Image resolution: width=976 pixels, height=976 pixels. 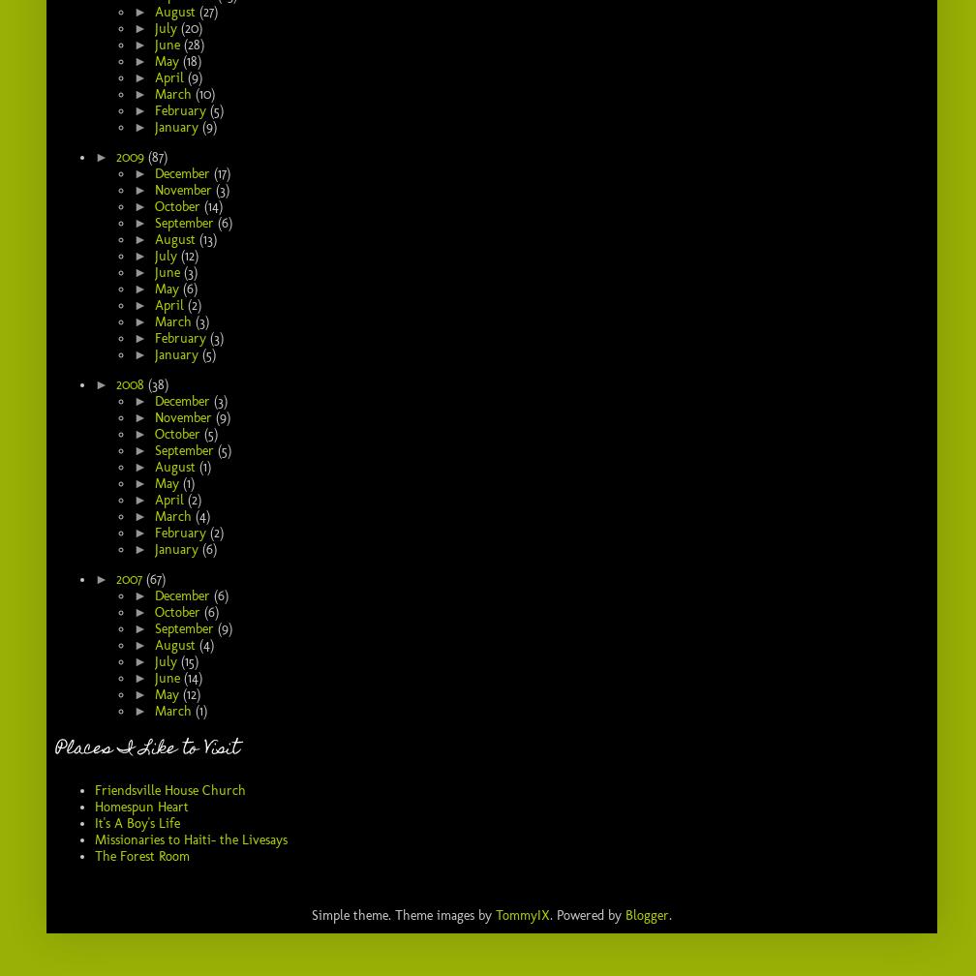 What do you see at coordinates (588, 914) in the screenshot?
I see `'. Powered by'` at bounding box center [588, 914].